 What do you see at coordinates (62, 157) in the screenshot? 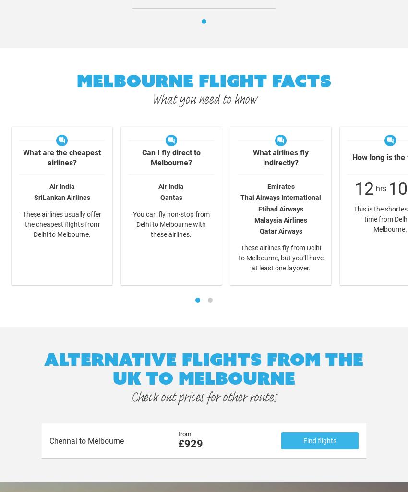
I see `'What are the cheapest airlines?'` at bounding box center [62, 157].